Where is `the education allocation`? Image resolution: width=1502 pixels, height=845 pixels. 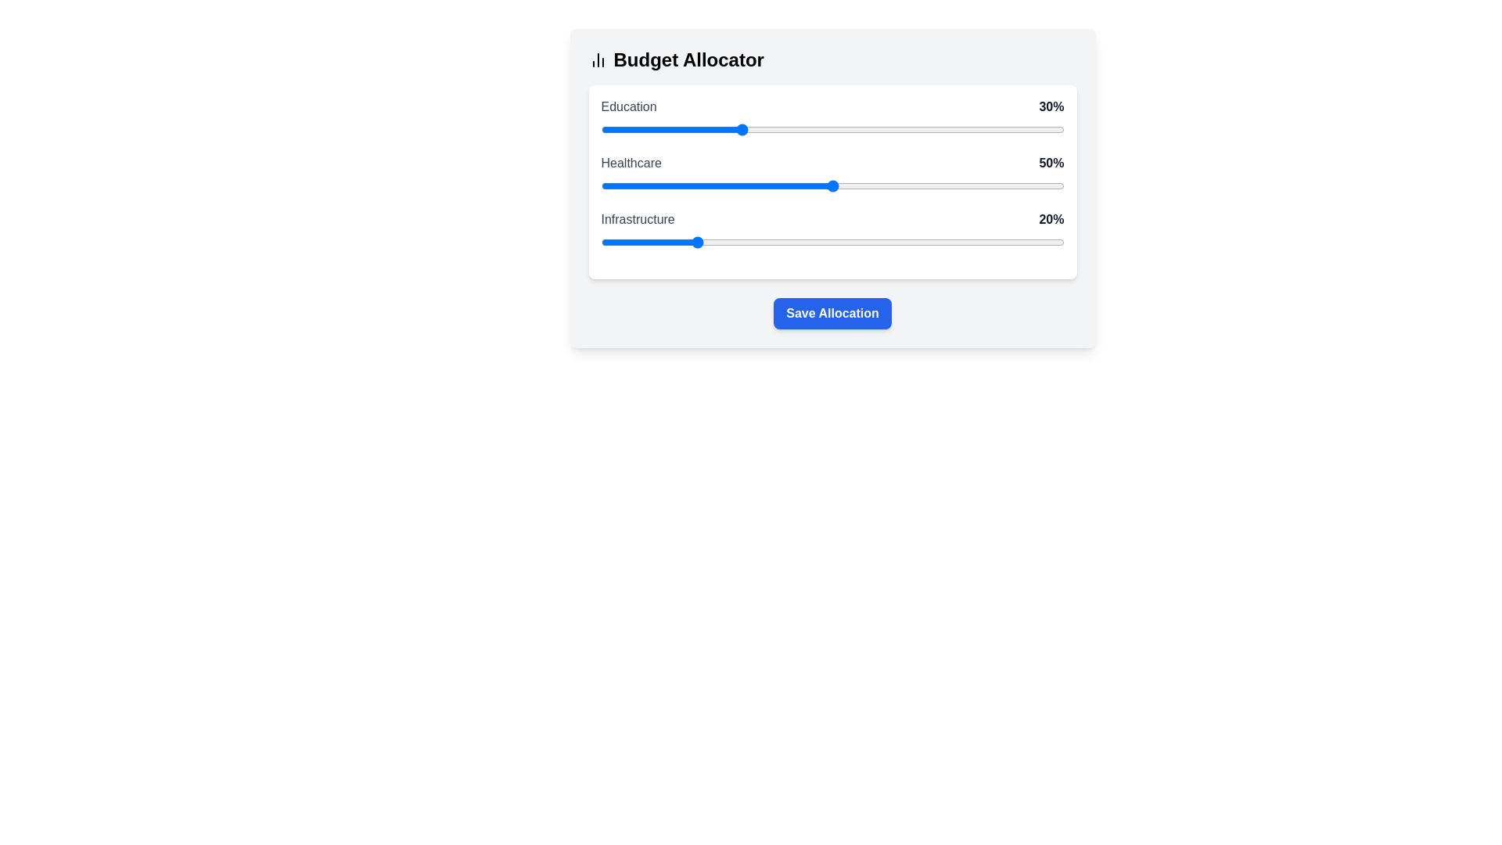 the education allocation is located at coordinates (629, 128).